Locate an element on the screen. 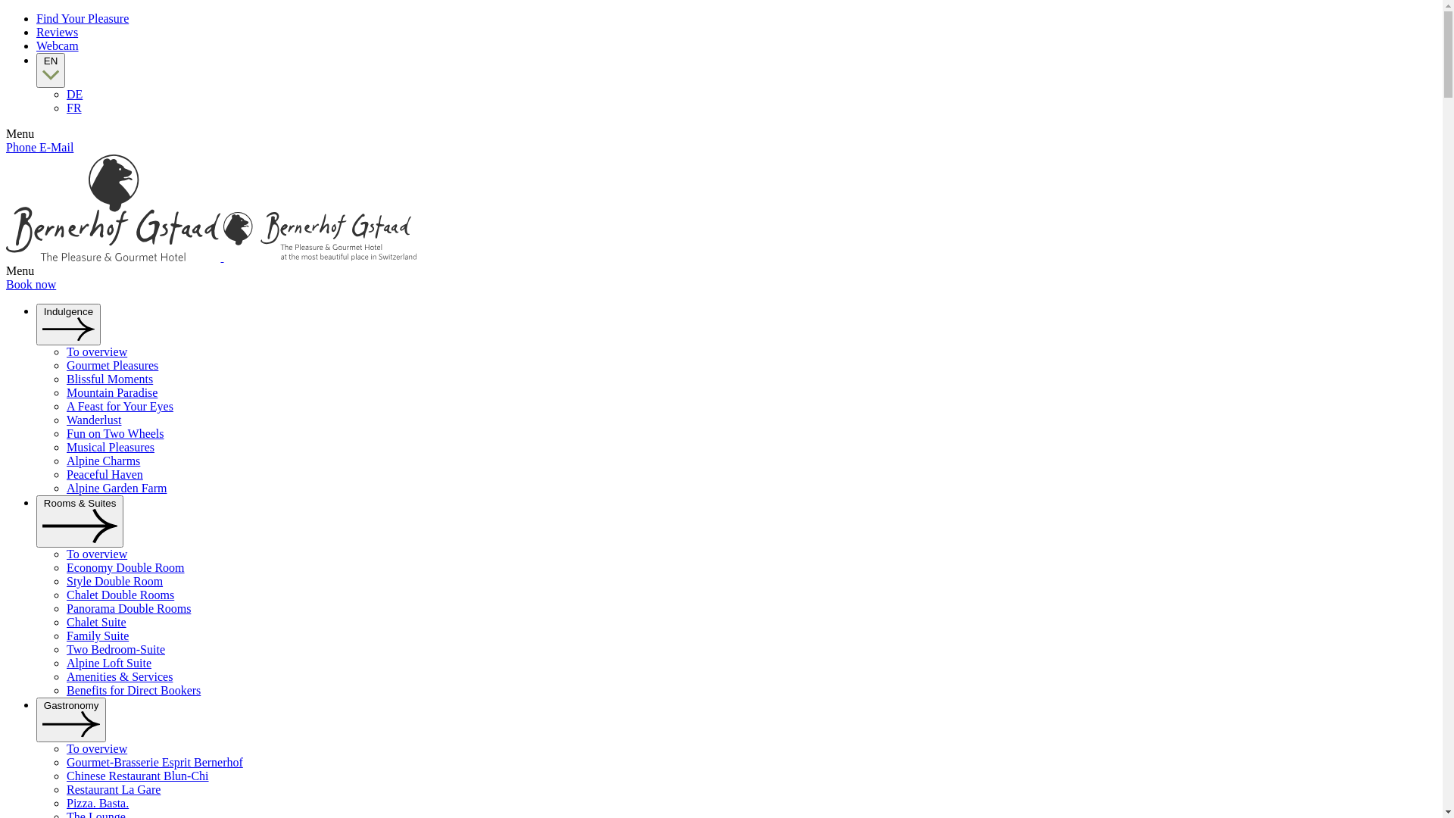  'Two Bedroom-Suite' is located at coordinates (115, 648).